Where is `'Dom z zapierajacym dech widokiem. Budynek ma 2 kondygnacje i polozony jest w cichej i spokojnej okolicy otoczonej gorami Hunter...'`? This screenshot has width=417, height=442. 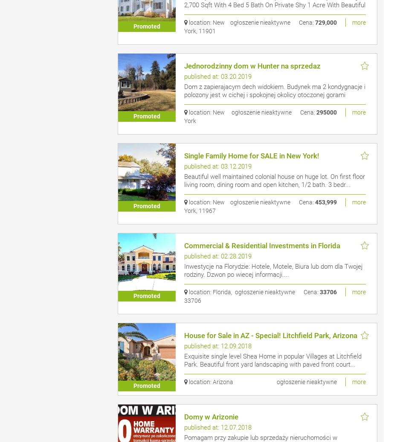 'Dom z zapierajacym dech widokiem. Budynek ma 2 kondygnacje i polozony jest w cichej i spokojnej okolicy otoczonej gorami Hunter...' is located at coordinates (274, 94).